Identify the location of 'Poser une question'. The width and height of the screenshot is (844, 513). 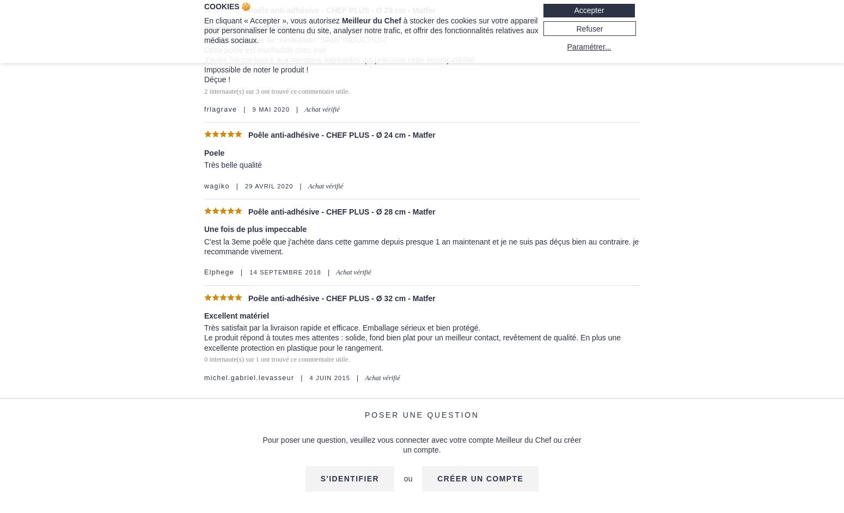
(364, 414).